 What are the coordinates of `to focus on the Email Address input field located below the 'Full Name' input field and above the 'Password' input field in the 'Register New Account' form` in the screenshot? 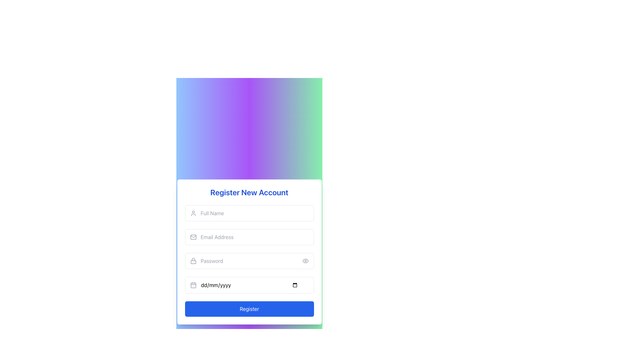 It's located at (249, 237).